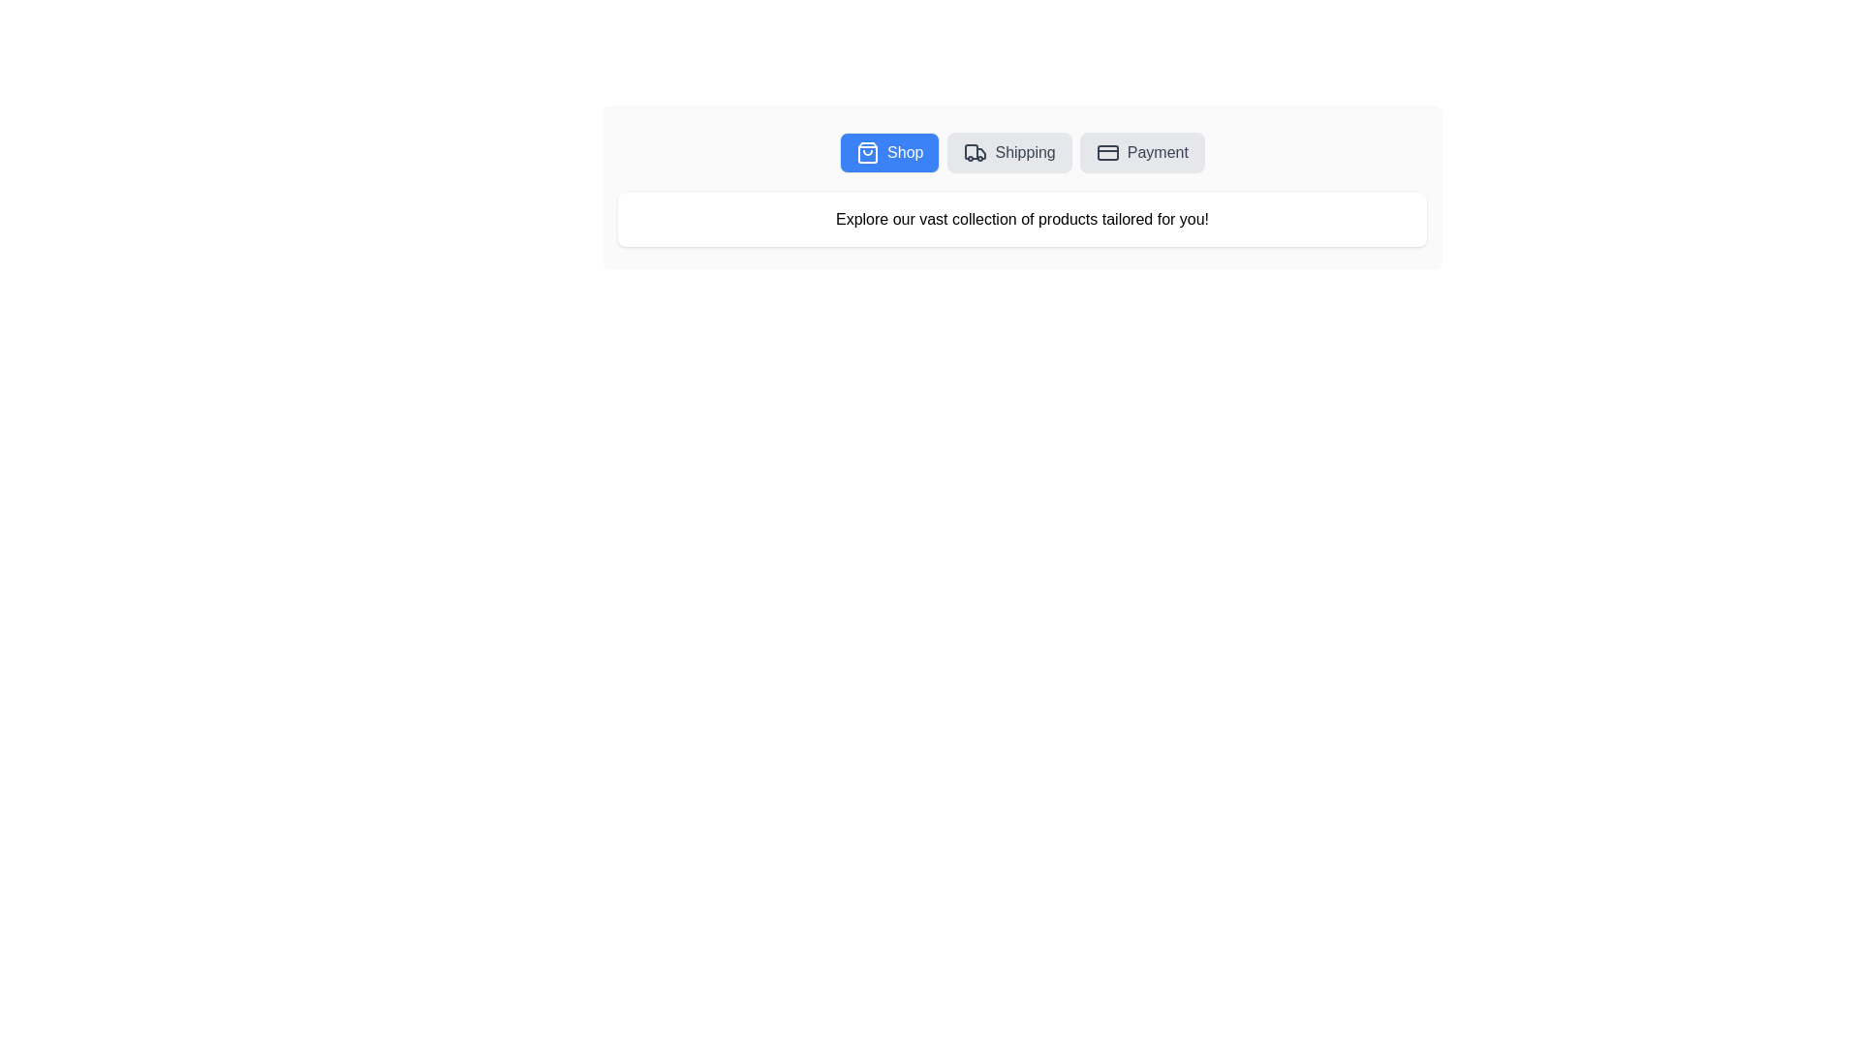 This screenshot has height=1046, width=1860. What do you see at coordinates (1021, 152) in the screenshot?
I see `the 'Shop' tab in the Tab Bar` at bounding box center [1021, 152].